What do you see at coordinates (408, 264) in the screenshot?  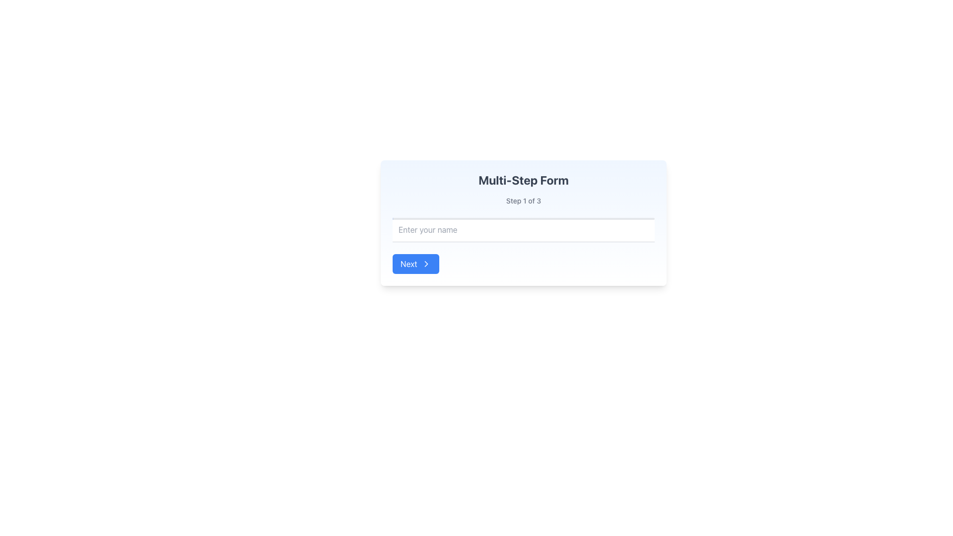 I see `the label displaying 'Next' inside a blue rectangular button with rounded corners, positioned at the bottom-left corner of the form interface` at bounding box center [408, 264].